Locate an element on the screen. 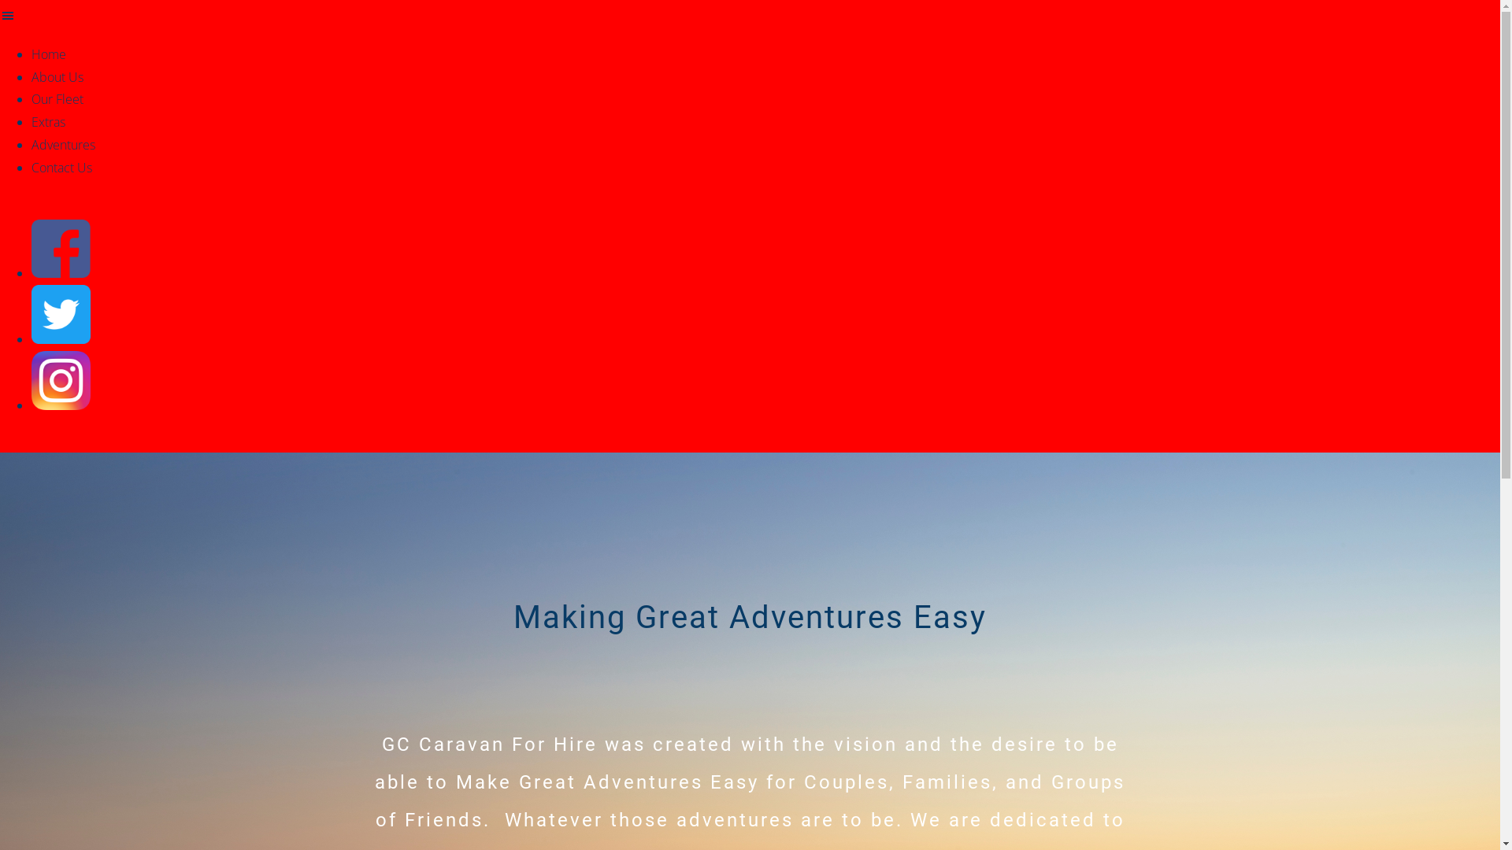  'Adventures' is located at coordinates (63, 145).